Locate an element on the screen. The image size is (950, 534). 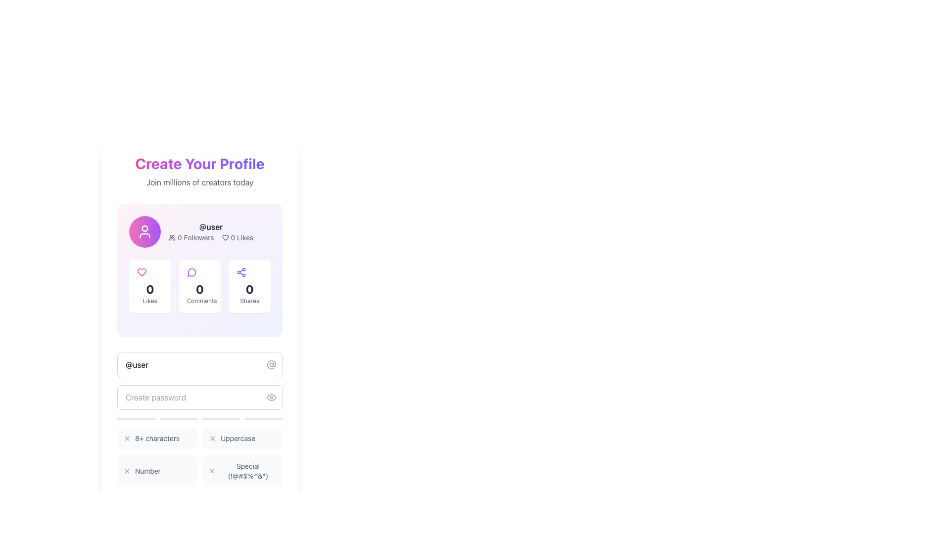
the text label displaying 'Special (!@#$%^&*)', which is styled with a gray color and located below the 'Create password' text field is located at coordinates (248, 470).